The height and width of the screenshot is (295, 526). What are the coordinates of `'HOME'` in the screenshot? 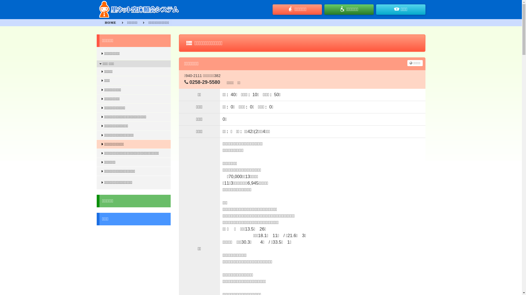 It's located at (110, 22).